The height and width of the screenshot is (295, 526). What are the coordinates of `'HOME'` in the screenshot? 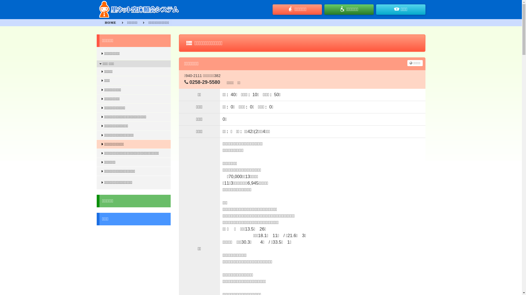 It's located at (110, 22).